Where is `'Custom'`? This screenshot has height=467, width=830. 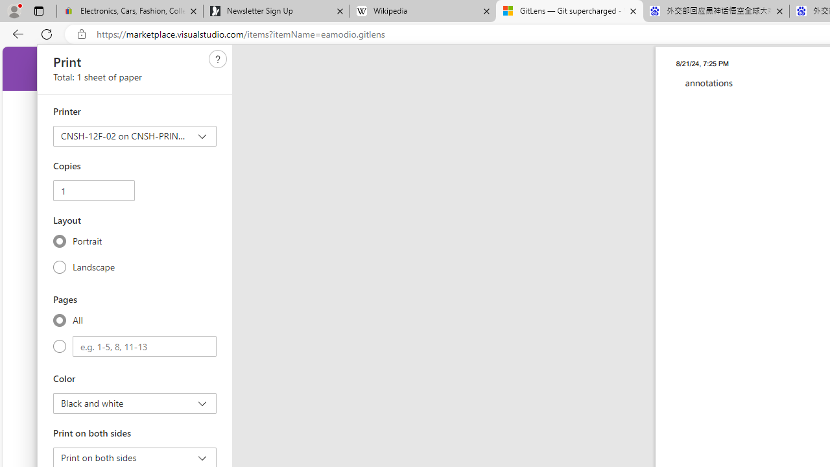 'Custom' is located at coordinates (59, 346).